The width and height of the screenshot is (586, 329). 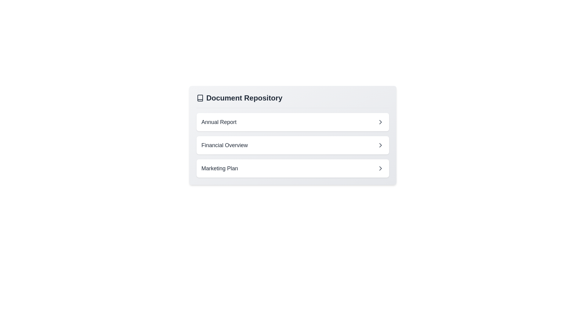 What do you see at coordinates (292, 122) in the screenshot?
I see `the first entry in the vertical list of documents labeled 'Annual Report'` at bounding box center [292, 122].